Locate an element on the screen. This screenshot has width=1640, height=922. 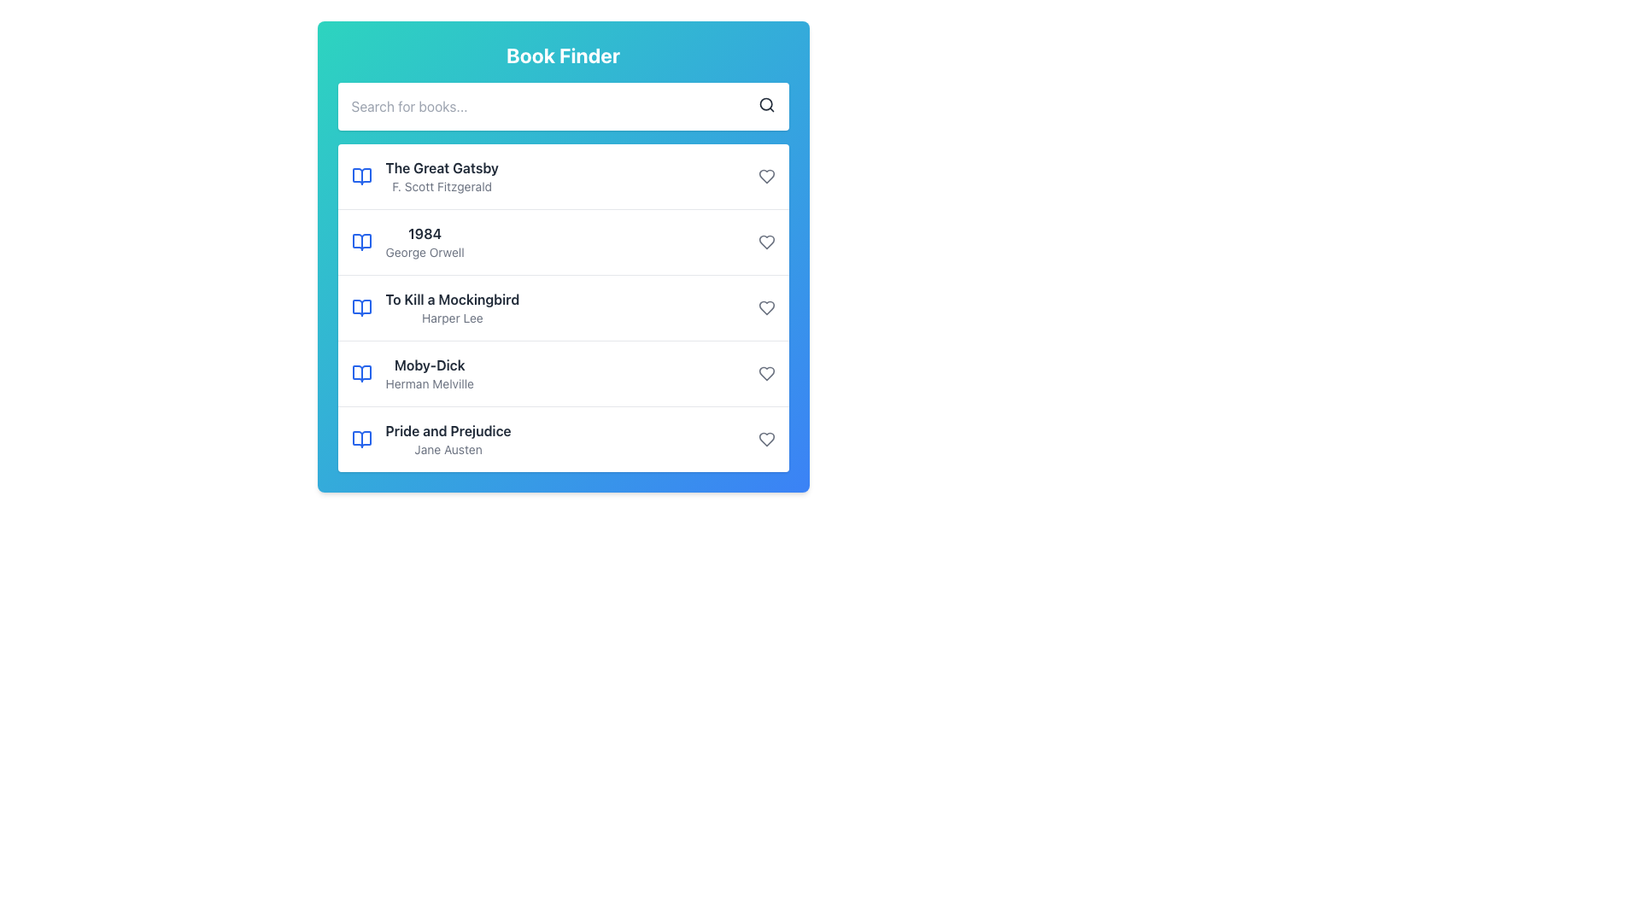
the book title 'Moby-Dick' in the book list interface to view details is located at coordinates (563, 372).